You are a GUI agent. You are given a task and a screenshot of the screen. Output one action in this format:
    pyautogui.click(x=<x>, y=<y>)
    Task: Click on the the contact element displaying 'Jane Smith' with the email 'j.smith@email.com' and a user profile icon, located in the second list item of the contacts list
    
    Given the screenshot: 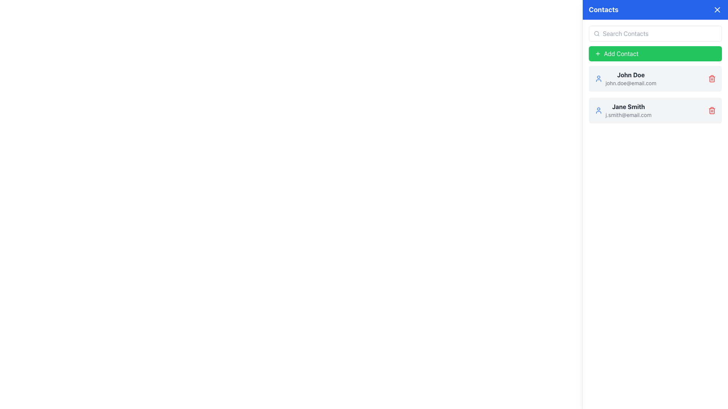 What is the action you would take?
    pyautogui.click(x=623, y=111)
    